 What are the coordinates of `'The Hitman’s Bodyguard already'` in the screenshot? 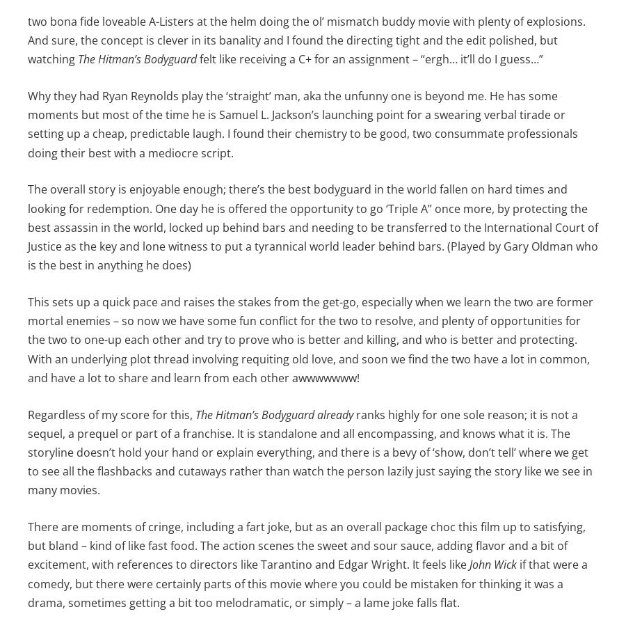 It's located at (194, 414).